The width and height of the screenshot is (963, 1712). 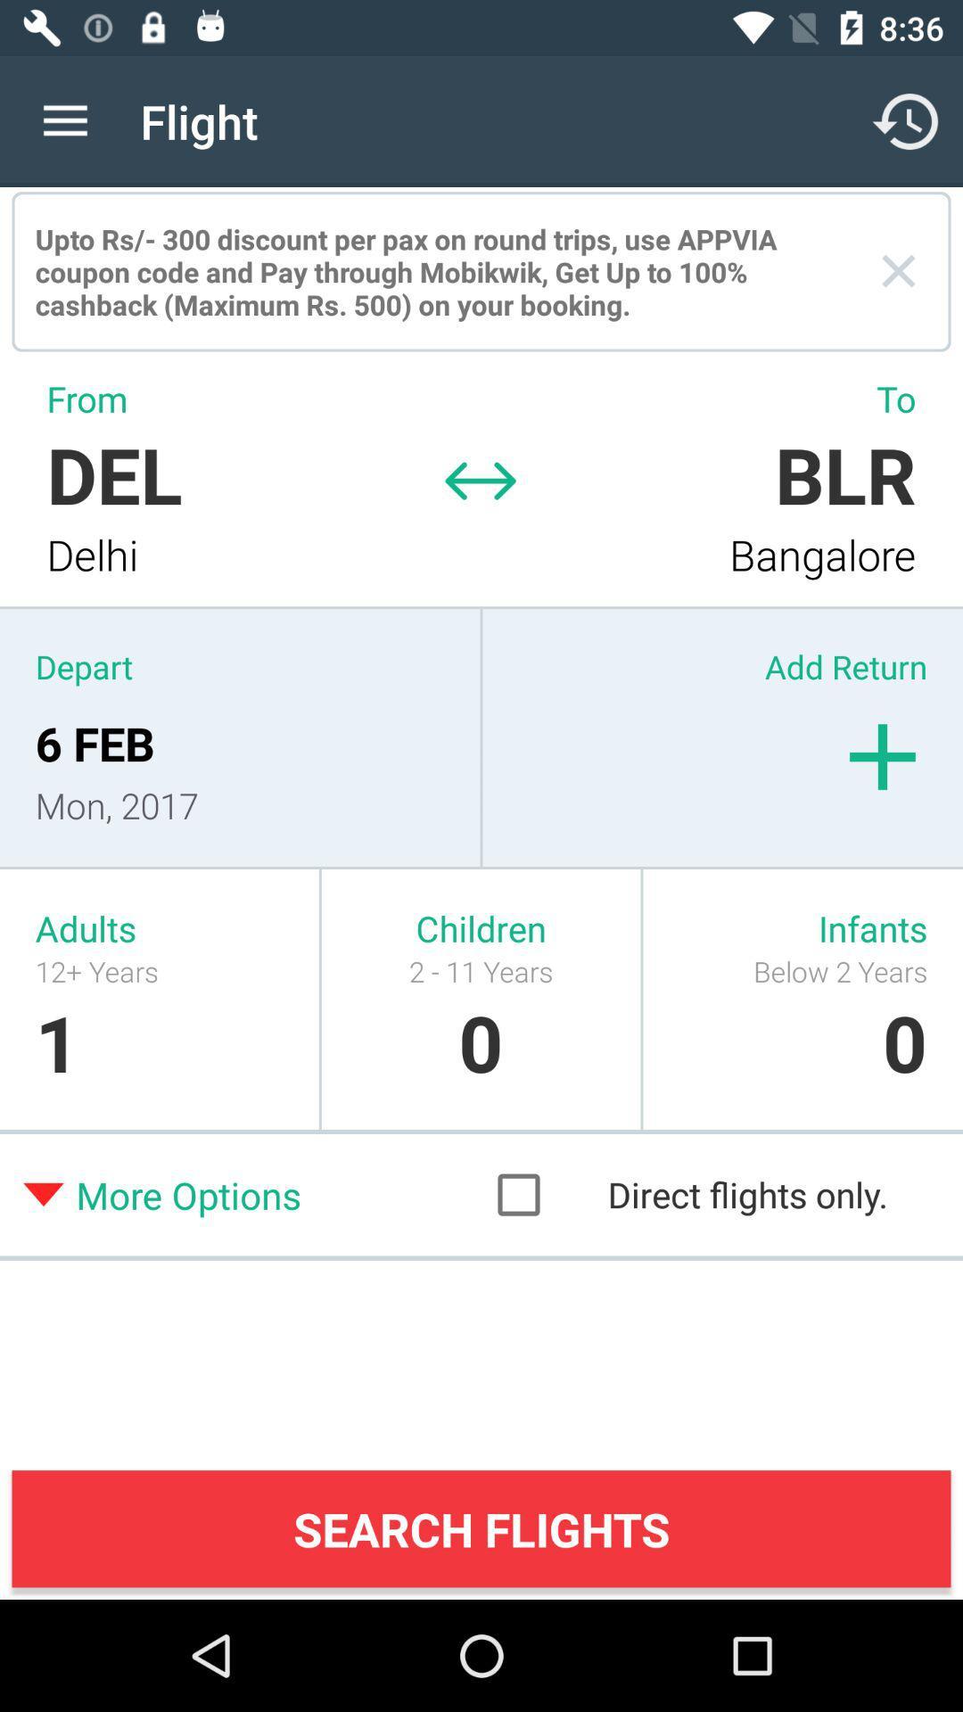 I want to click on the icon next to the upto rs 300, so click(x=898, y=270).